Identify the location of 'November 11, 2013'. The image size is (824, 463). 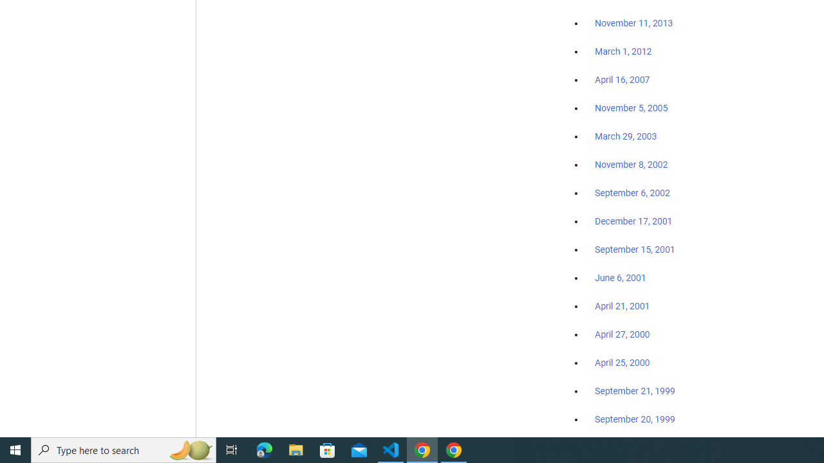
(633, 24).